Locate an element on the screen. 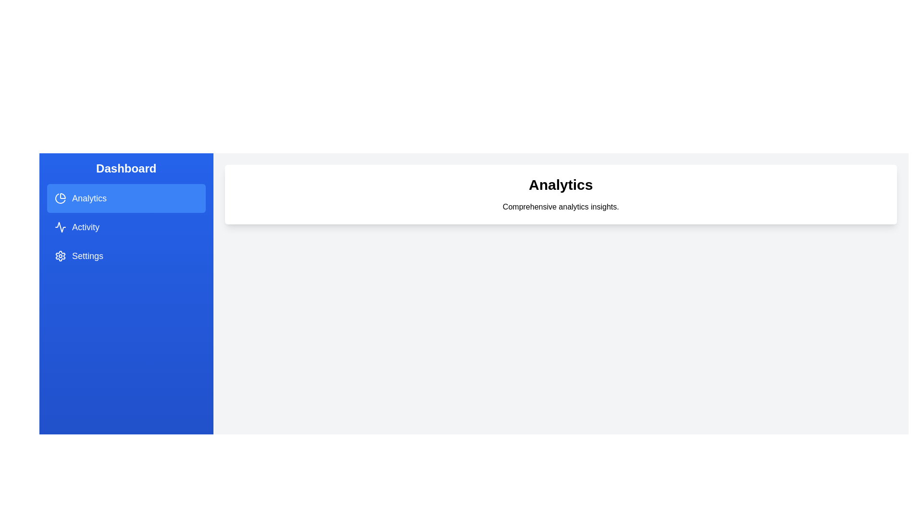 This screenshot has width=923, height=519. the 'Activity' menu item icon located in the sidebar menu, which is positioned below the 'Analytics' menu item and above the 'Settings' menu item is located at coordinates (60, 227).